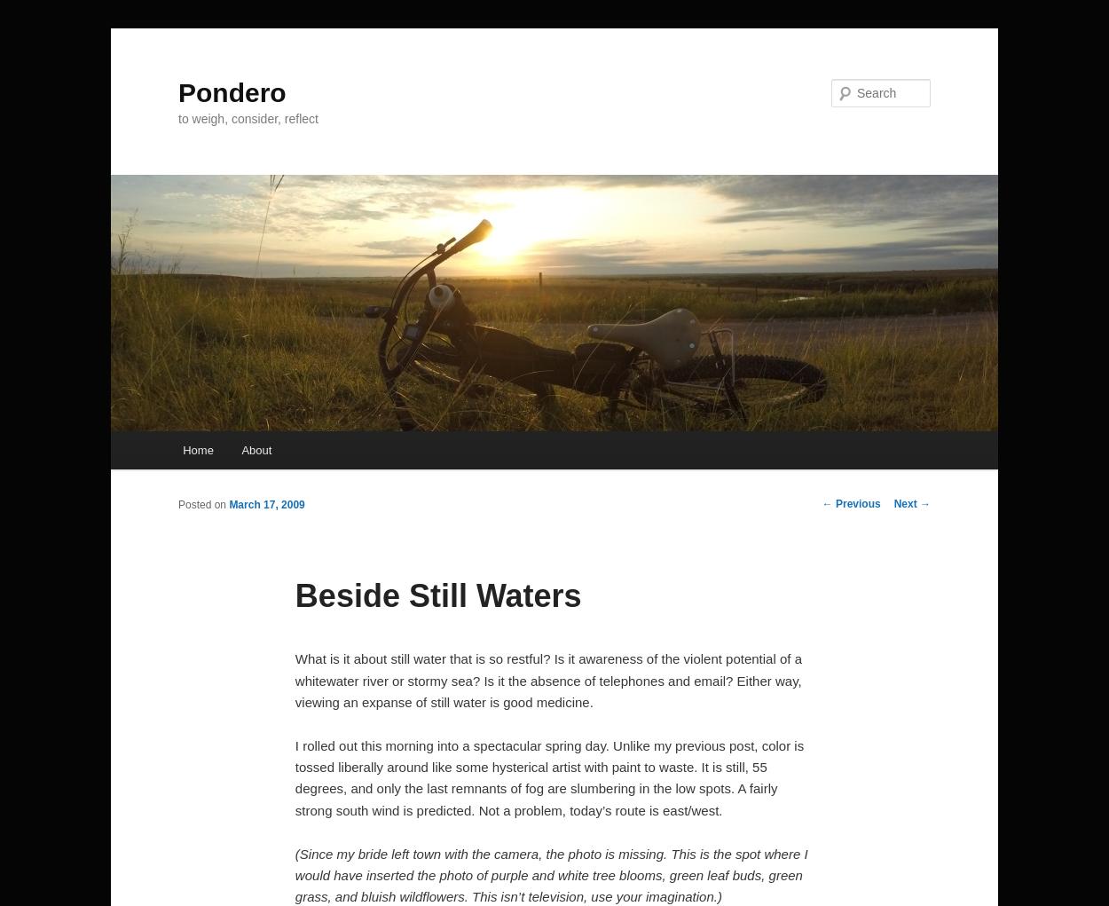 The image size is (1109, 906). Describe the element at coordinates (548, 776) in the screenshot. I see `'I rolled out this morning into a spectacular spring day.  Unlike my previous post, color is tossed liberally around like some hysterical artist with paint to waste.  It is still, 55 degrees, and only the last remnants of fog are slumbering in the low spots.  A fairly strong south wind is predicted.  Not a problem, today’s route is east/west.'` at that location.